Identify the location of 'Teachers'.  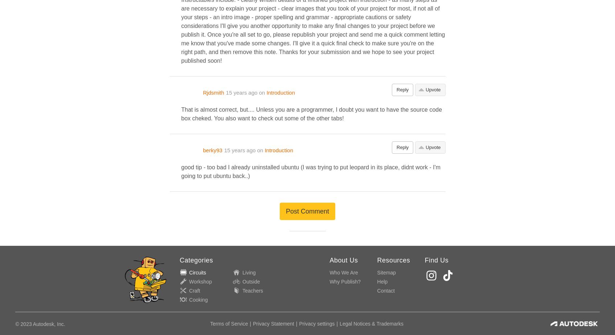
(253, 291).